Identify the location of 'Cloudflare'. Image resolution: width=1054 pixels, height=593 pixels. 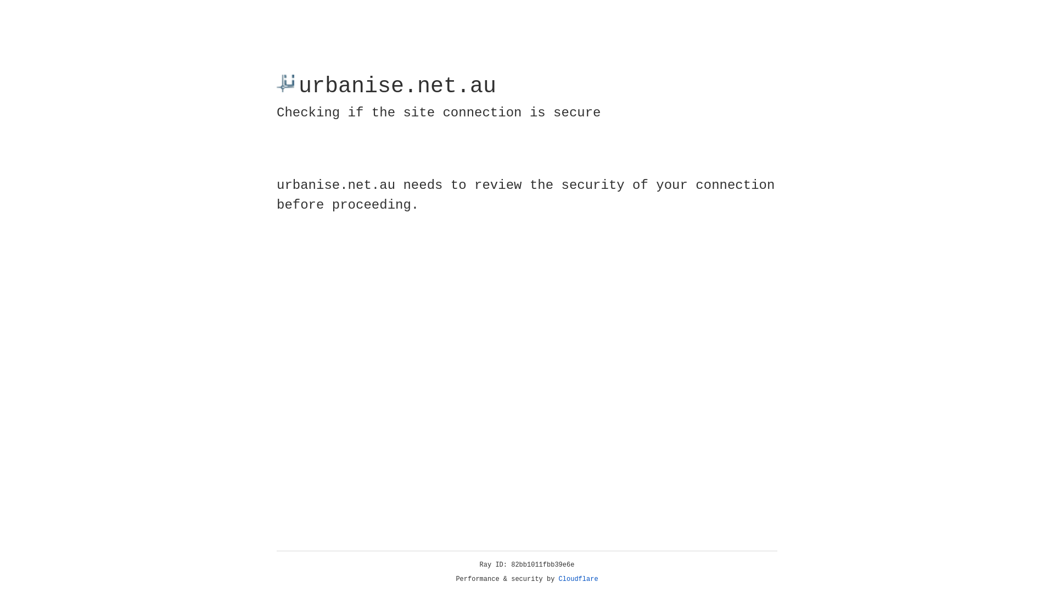
(578, 579).